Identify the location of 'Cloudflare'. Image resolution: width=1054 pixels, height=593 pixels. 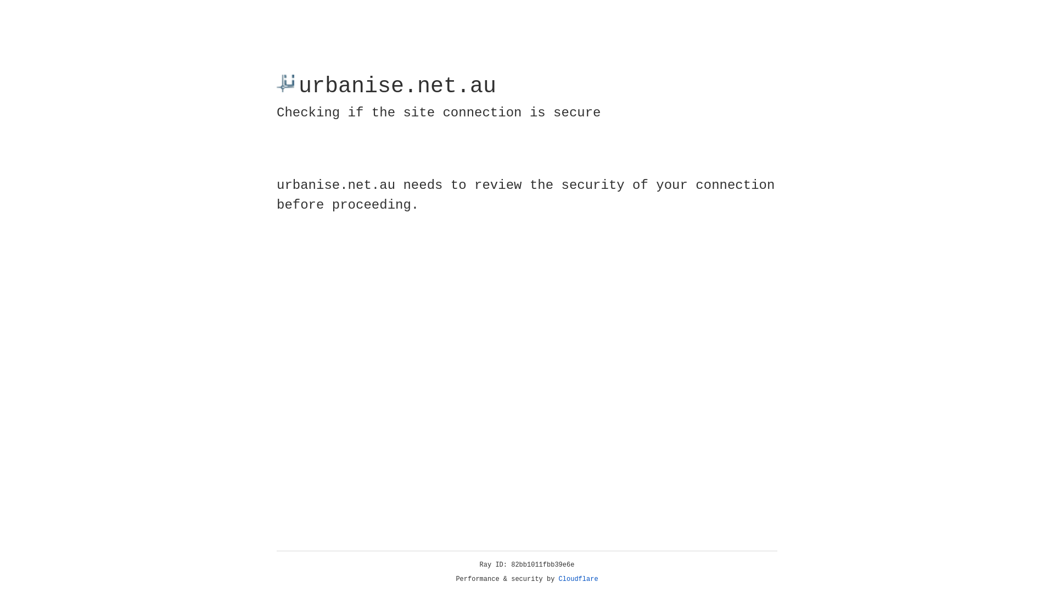
(578, 579).